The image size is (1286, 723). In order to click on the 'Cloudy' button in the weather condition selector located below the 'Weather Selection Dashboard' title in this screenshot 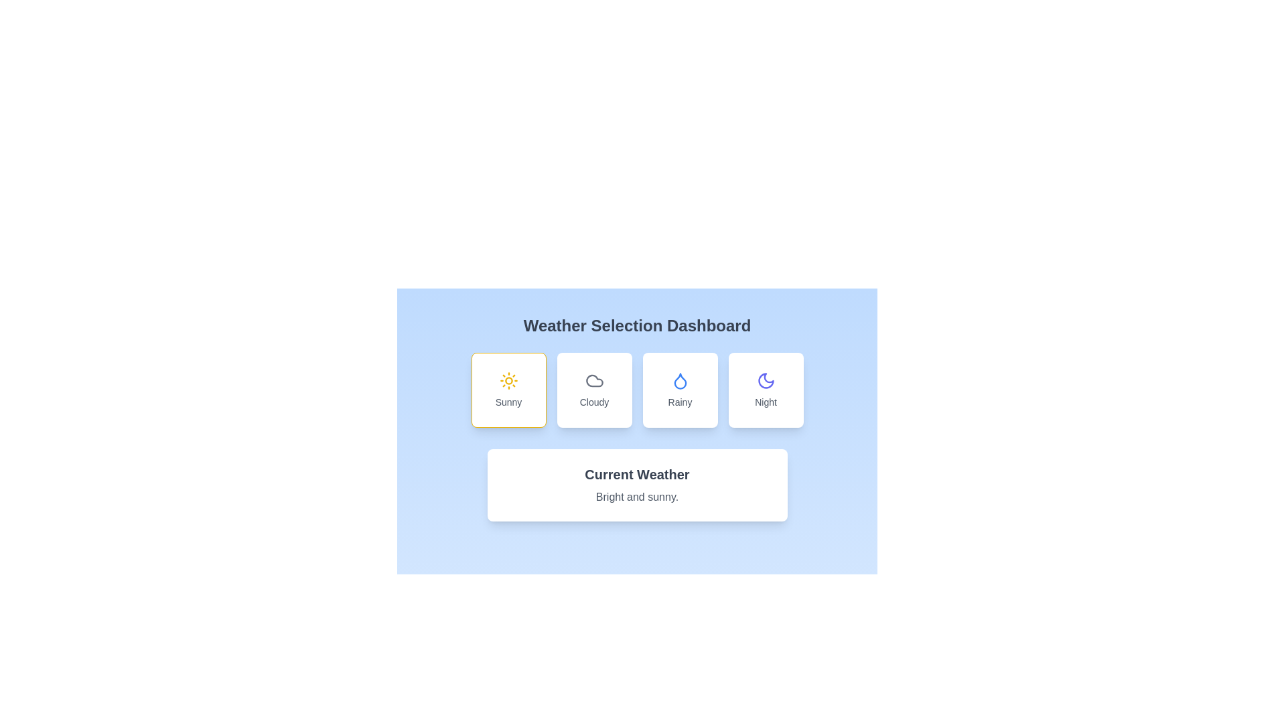, I will do `click(636, 390)`.